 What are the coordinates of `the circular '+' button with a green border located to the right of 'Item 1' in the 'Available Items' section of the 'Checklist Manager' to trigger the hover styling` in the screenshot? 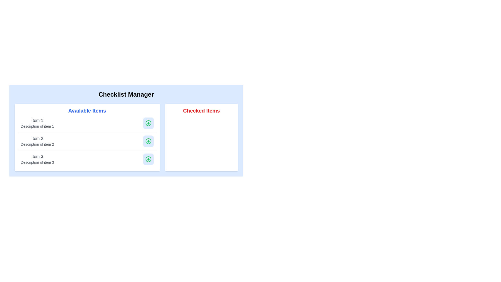 It's located at (148, 123).